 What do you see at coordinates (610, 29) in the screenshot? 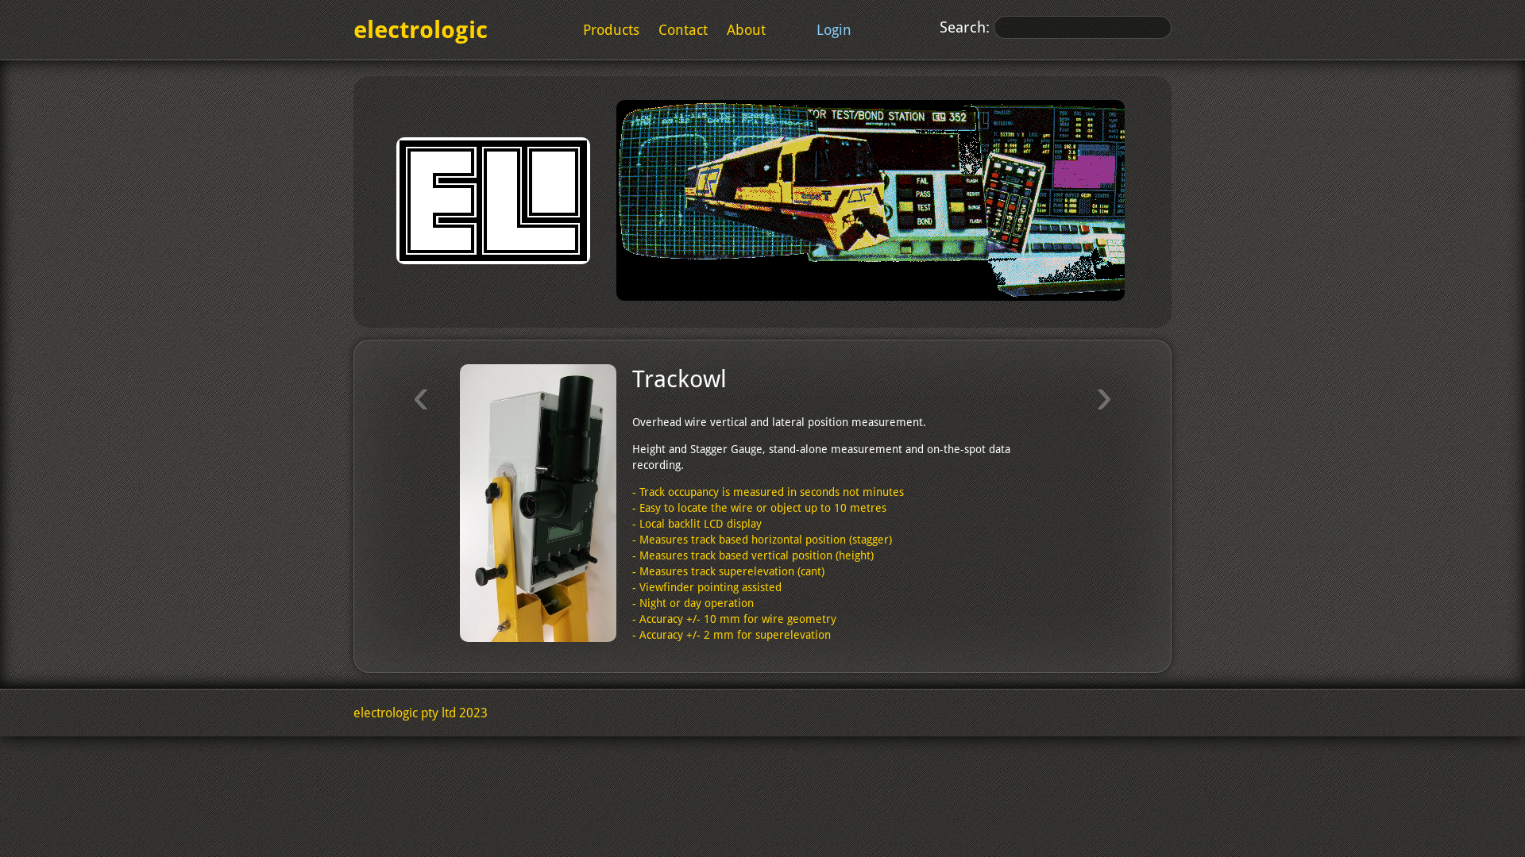
I see `'Products'` at bounding box center [610, 29].